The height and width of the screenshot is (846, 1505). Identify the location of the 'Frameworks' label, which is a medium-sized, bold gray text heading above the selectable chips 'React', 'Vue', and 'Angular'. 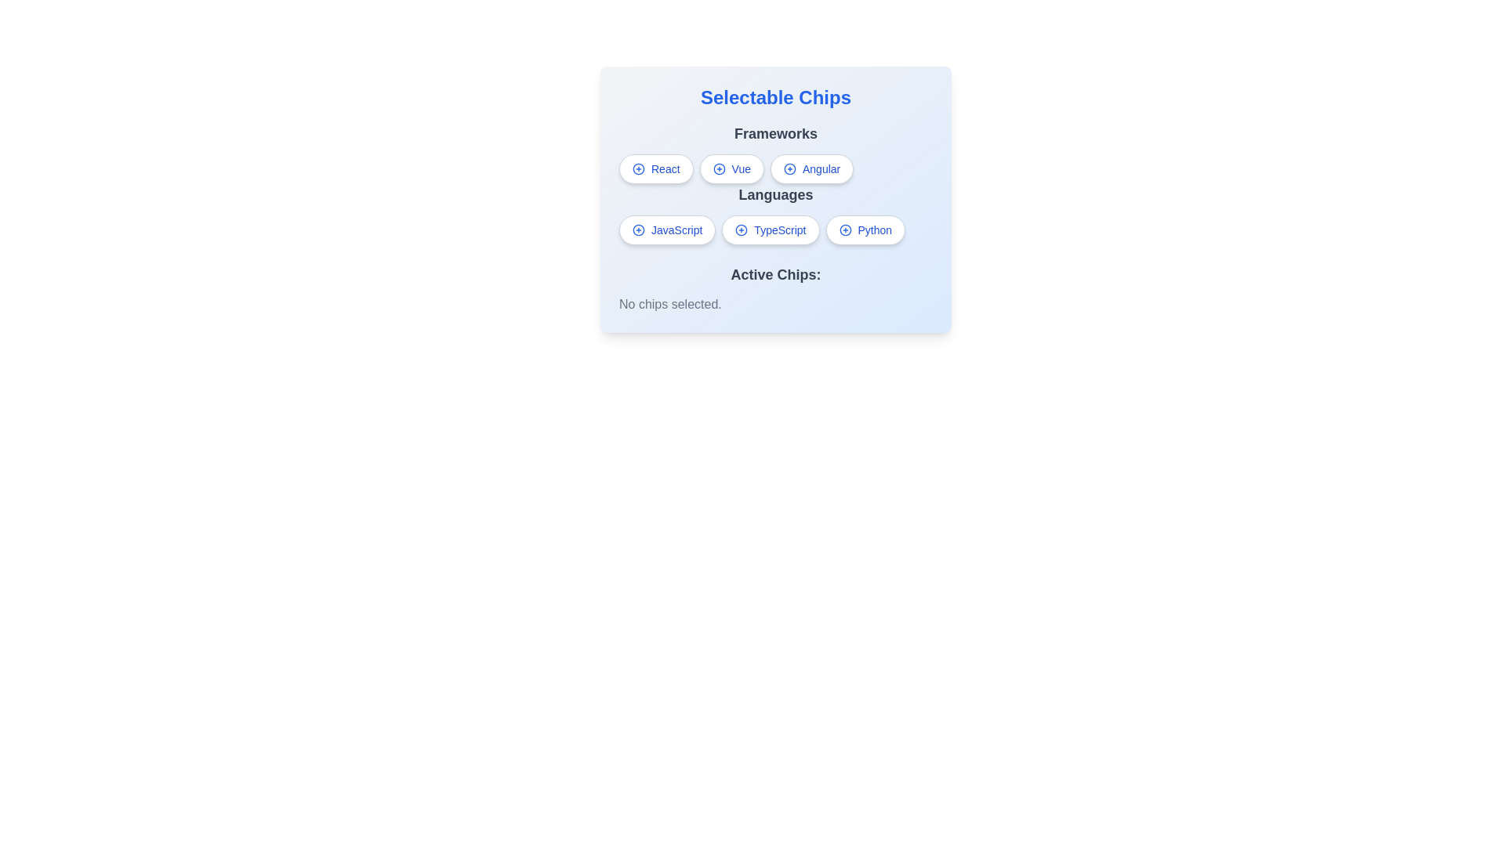
(775, 132).